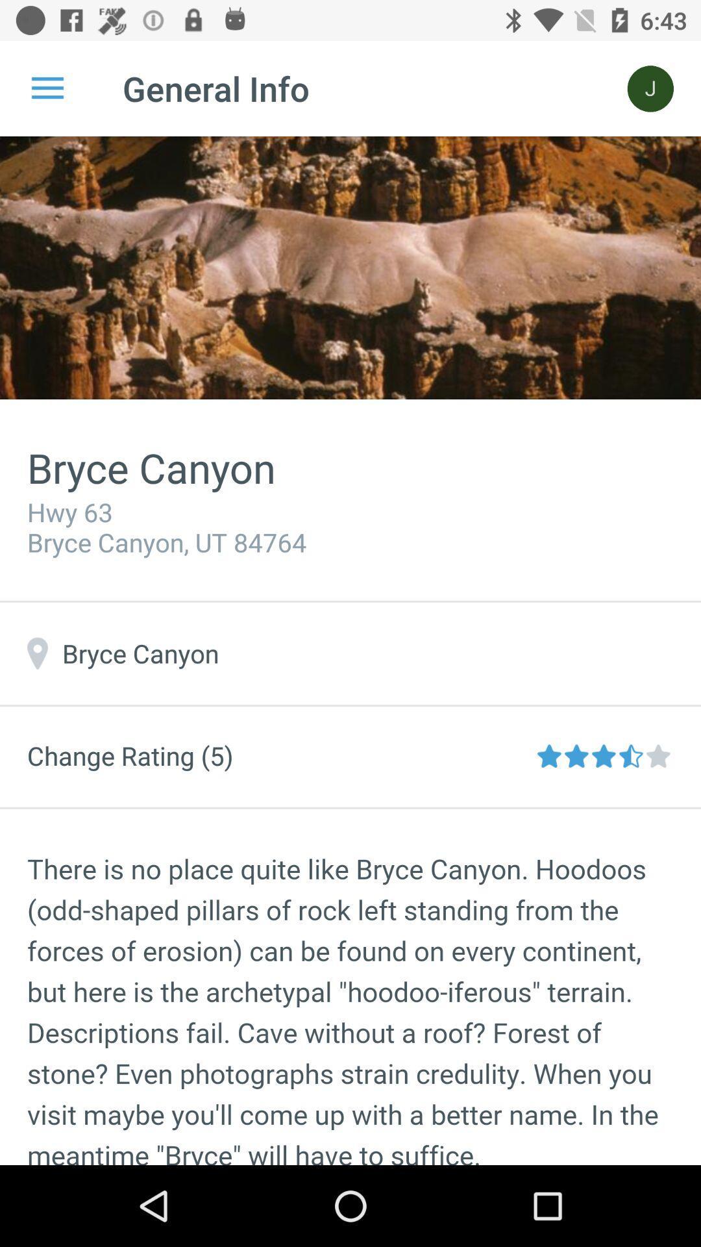  I want to click on the item at the top right corner, so click(650, 88).